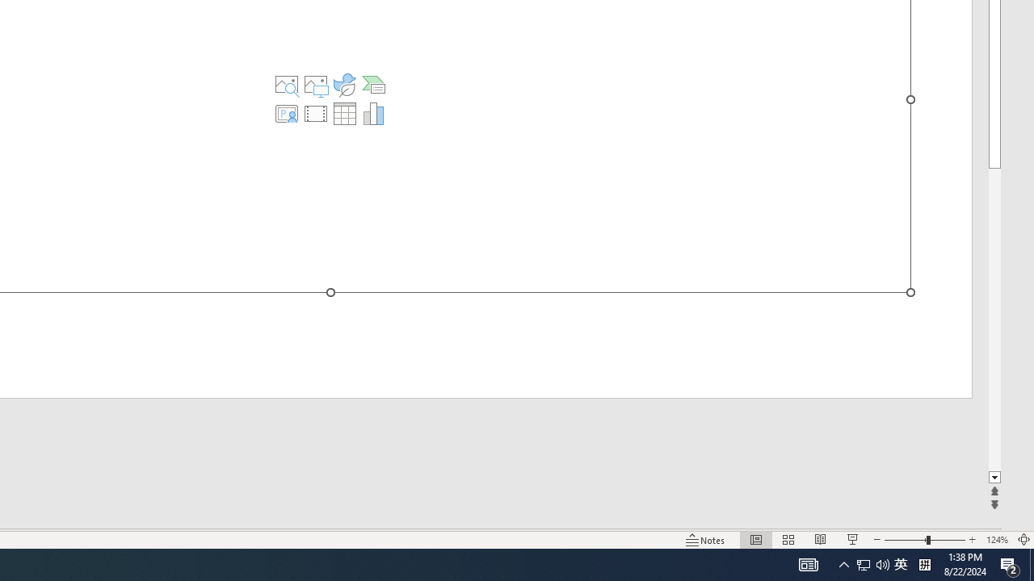 Image resolution: width=1034 pixels, height=581 pixels. I want to click on 'Insert Table', so click(343, 113).